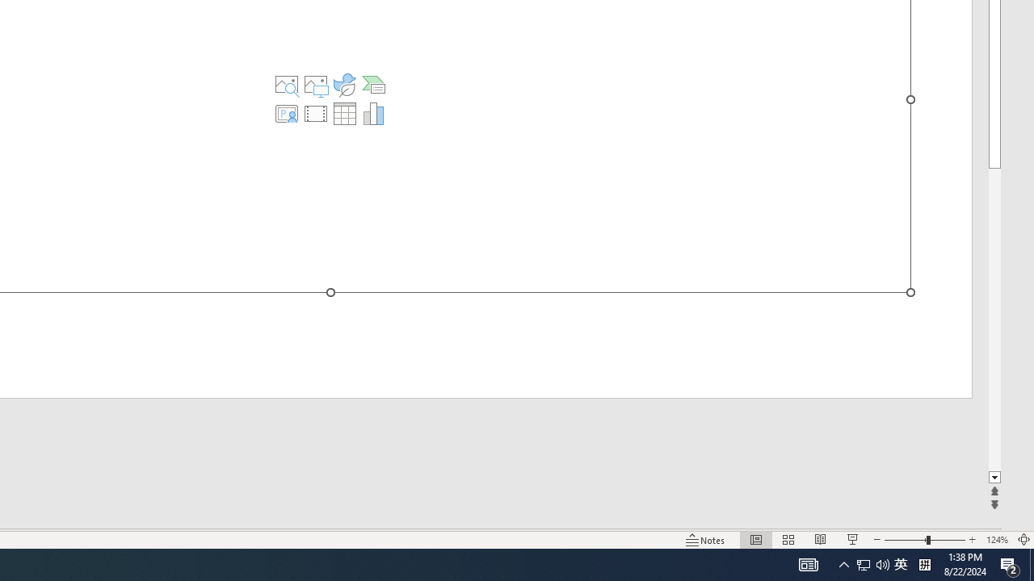 Image resolution: width=1034 pixels, height=581 pixels. I want to click on 'Insert Table', so click(343, 113).